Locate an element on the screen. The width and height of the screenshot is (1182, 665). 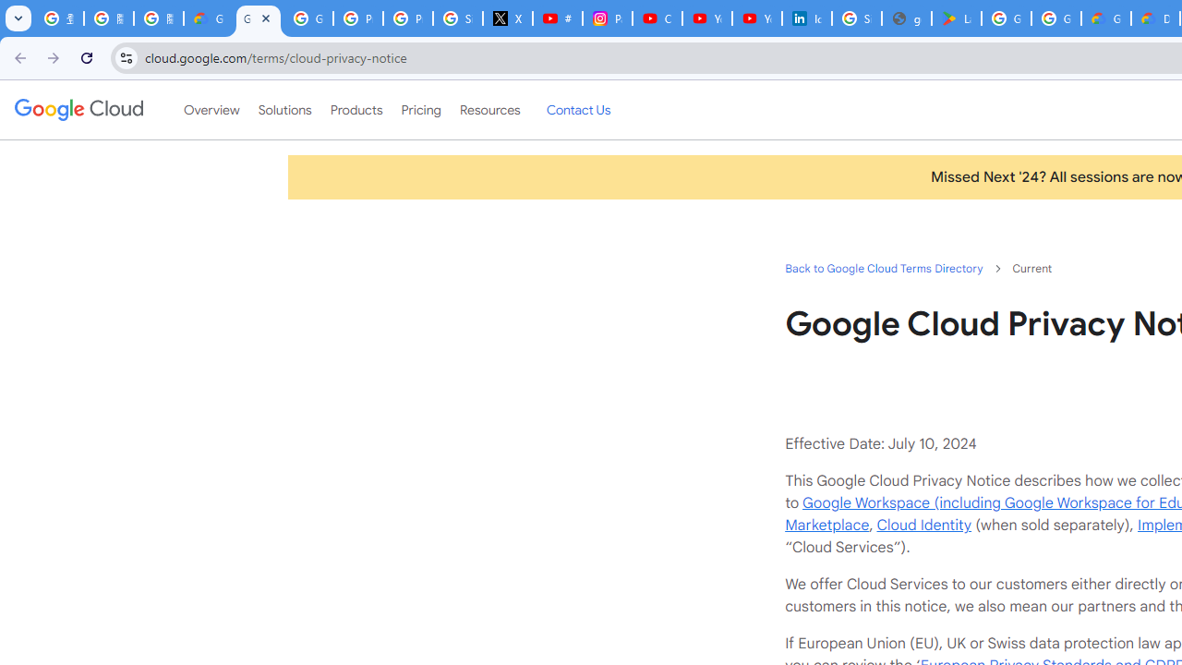
'Back to Google Cloud Terms Directory' is located at coordinates (883, 268).